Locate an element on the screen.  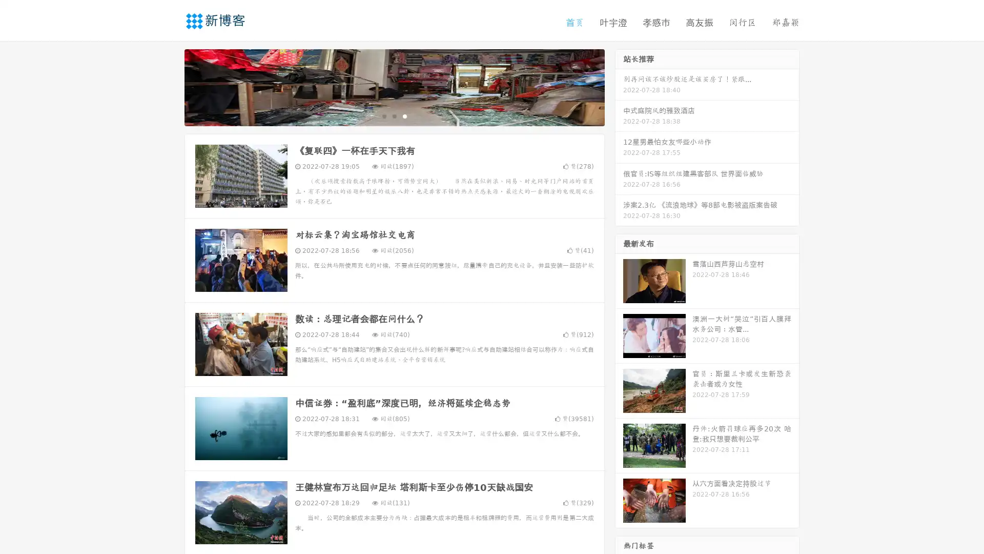
Go to slide 3 is located at coordinates (404, 115).